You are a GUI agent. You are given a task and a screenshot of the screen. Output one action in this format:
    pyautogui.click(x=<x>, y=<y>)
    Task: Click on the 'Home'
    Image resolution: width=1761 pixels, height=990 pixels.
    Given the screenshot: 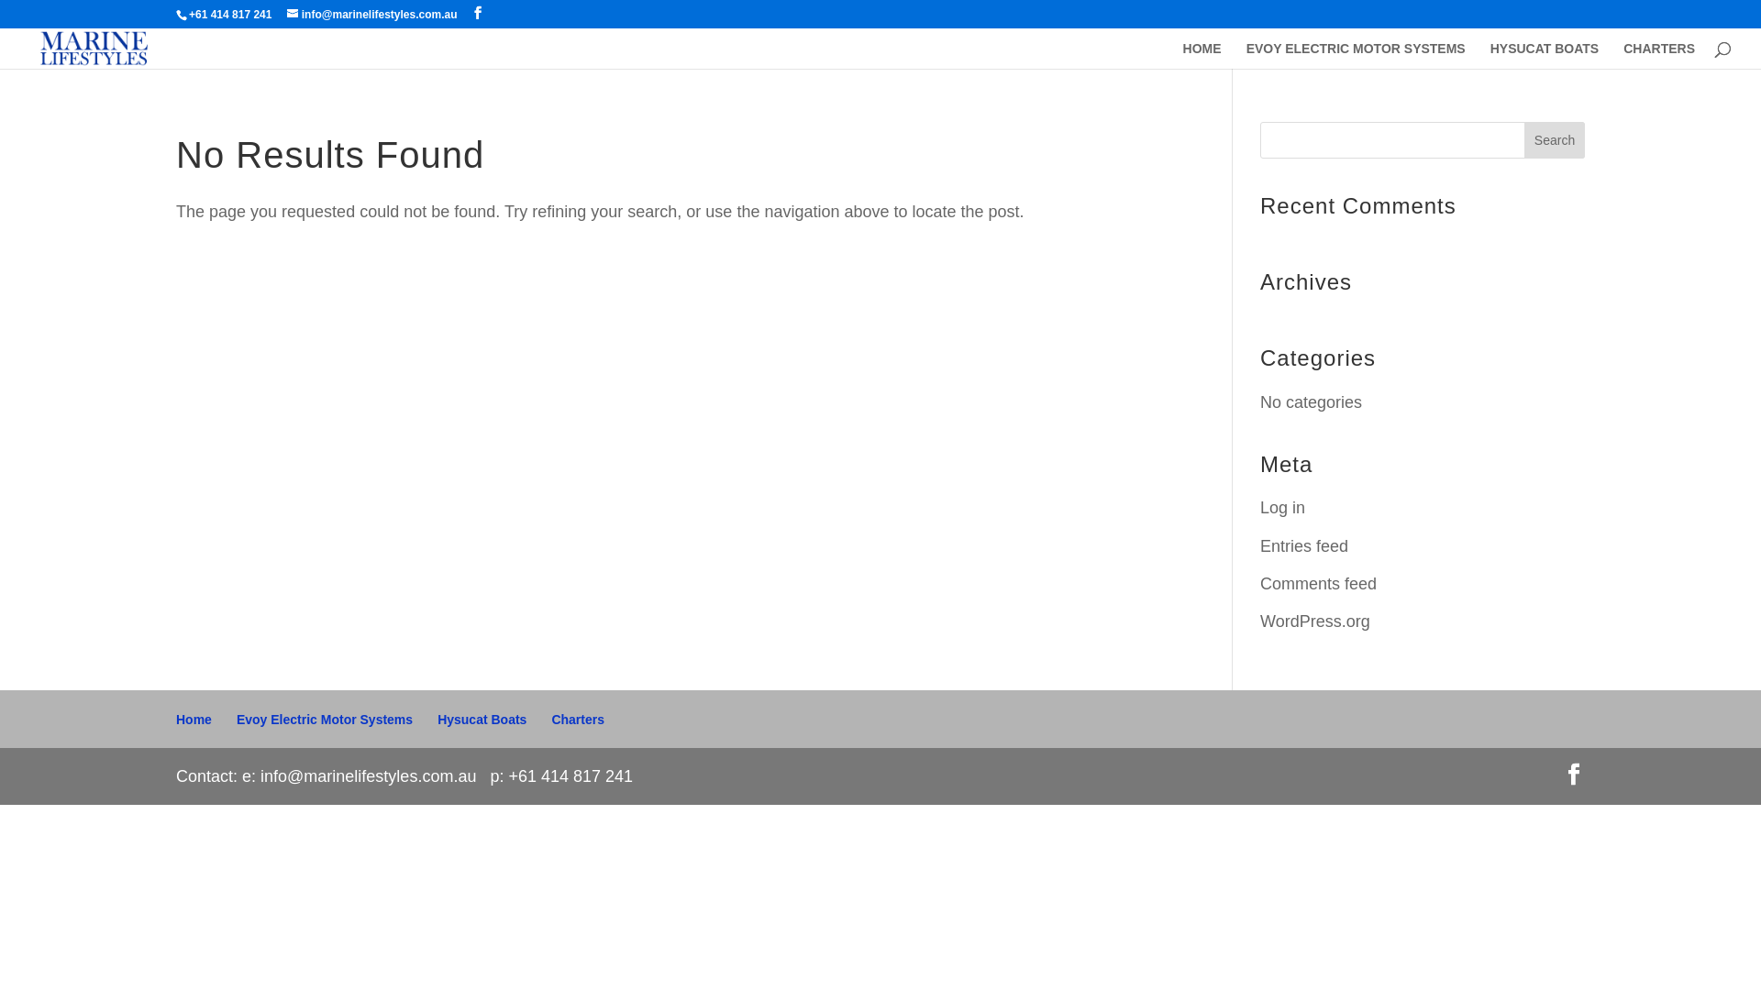 What is the action you would take?
    pyautogui.click(x=194, y=719)
    